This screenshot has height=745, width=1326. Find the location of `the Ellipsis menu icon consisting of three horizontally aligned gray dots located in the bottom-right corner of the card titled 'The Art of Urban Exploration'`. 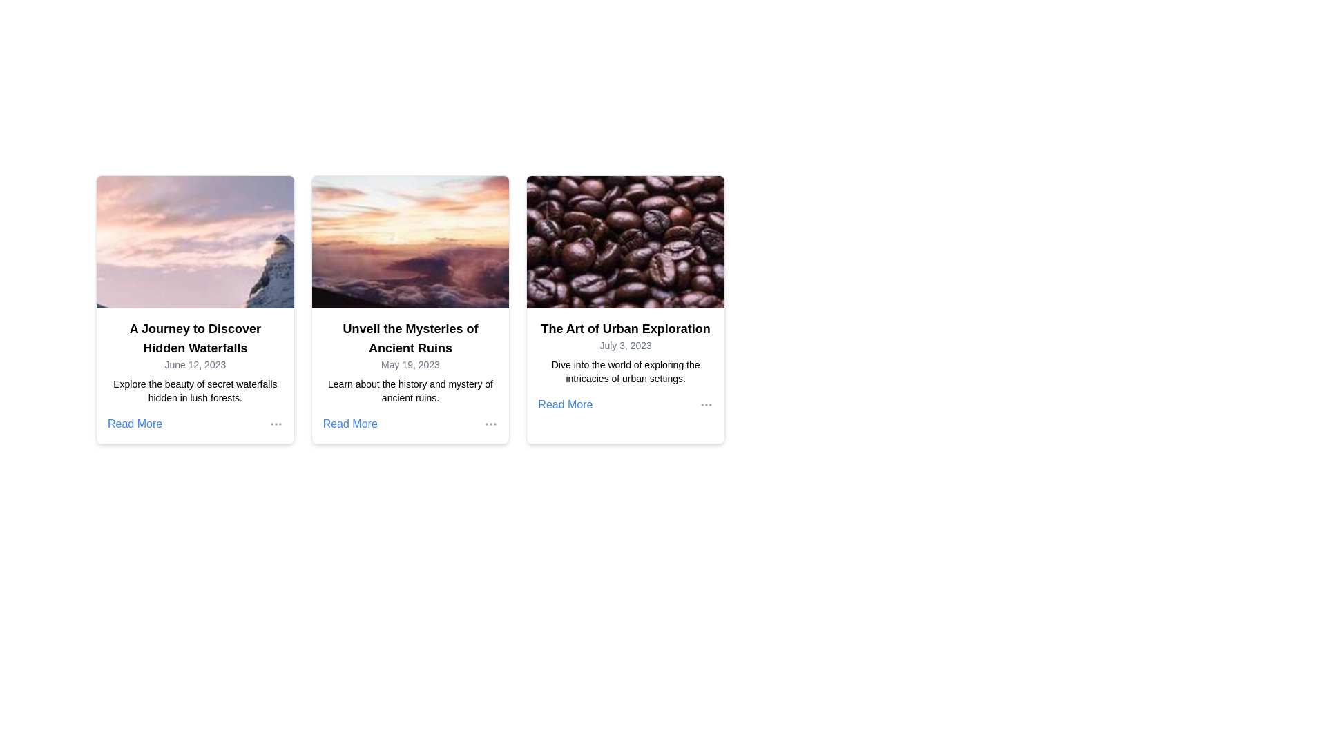

the Ellipsis menu icon consisting of three horizontally aligned gray dots located in the bottom-right corner of the card titled 'The Art of Urban Exploration' is located at coordinates (706, 404).